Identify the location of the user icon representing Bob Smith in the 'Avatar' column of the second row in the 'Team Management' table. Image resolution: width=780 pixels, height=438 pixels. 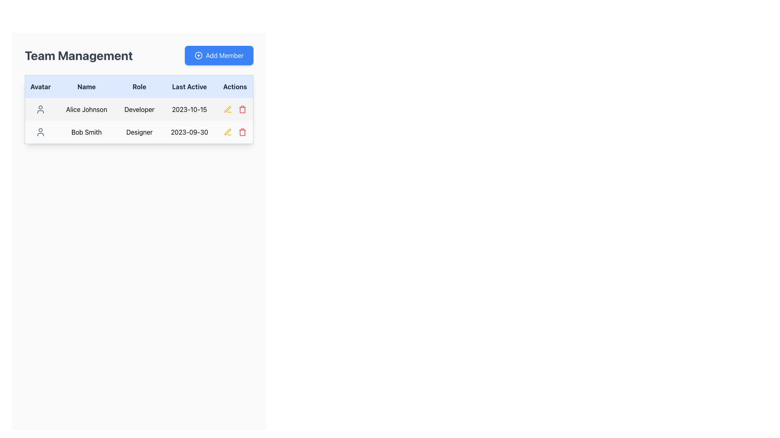
(40, 132).